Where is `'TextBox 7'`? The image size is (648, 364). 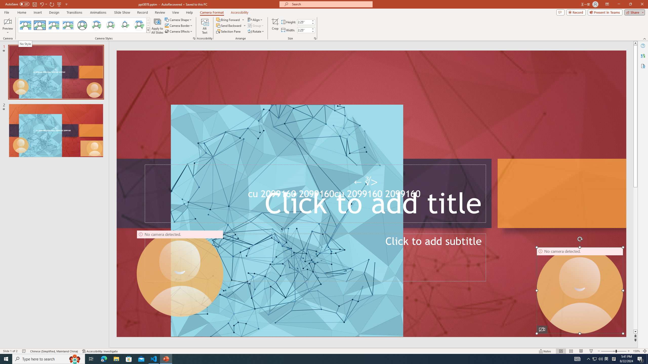
'TextBox 7' is located at coordinates (366, 182).